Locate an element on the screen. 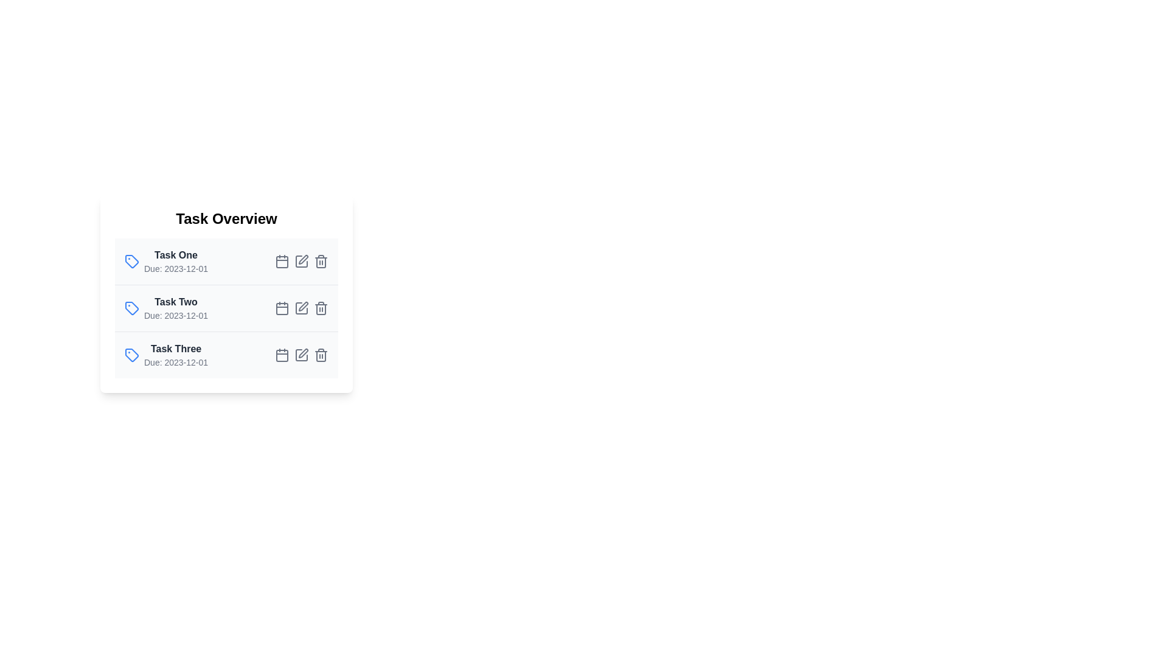 The image size is (1168, 657). the trash can icon button indicating a delete action is located at coordinates (321, 260).